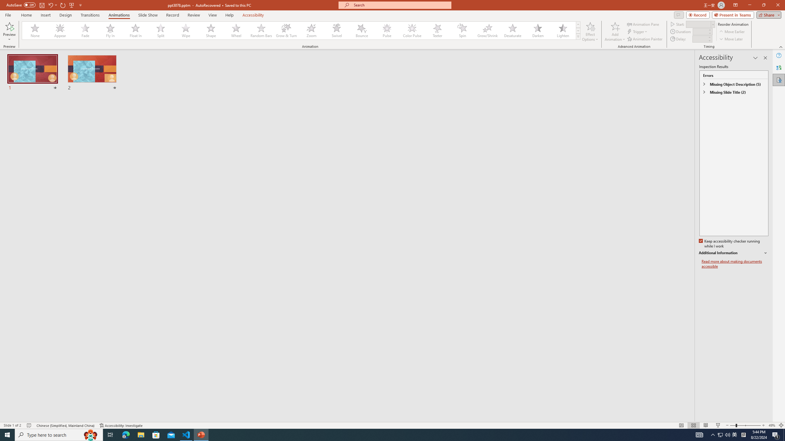  What do you see at coordinates (160, 30) in the screenshot?
I see `'Split'` at bounding box center [160, 30].